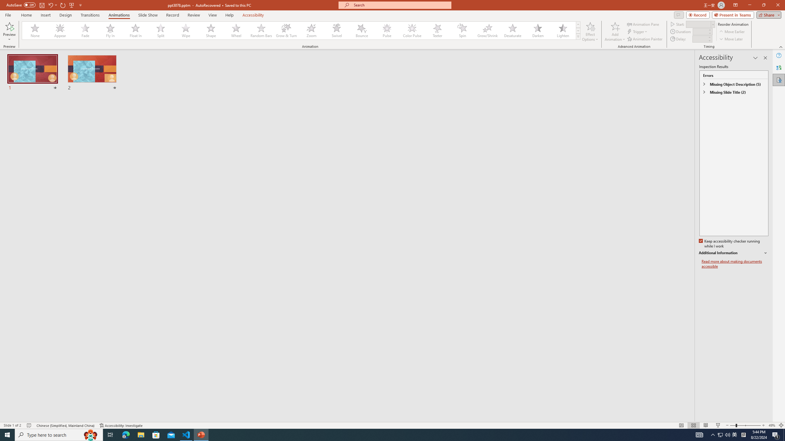  What do you see at coordinates (160, 30) in the screenshot?
I see `'Split'` at bounding box center [160, 30].